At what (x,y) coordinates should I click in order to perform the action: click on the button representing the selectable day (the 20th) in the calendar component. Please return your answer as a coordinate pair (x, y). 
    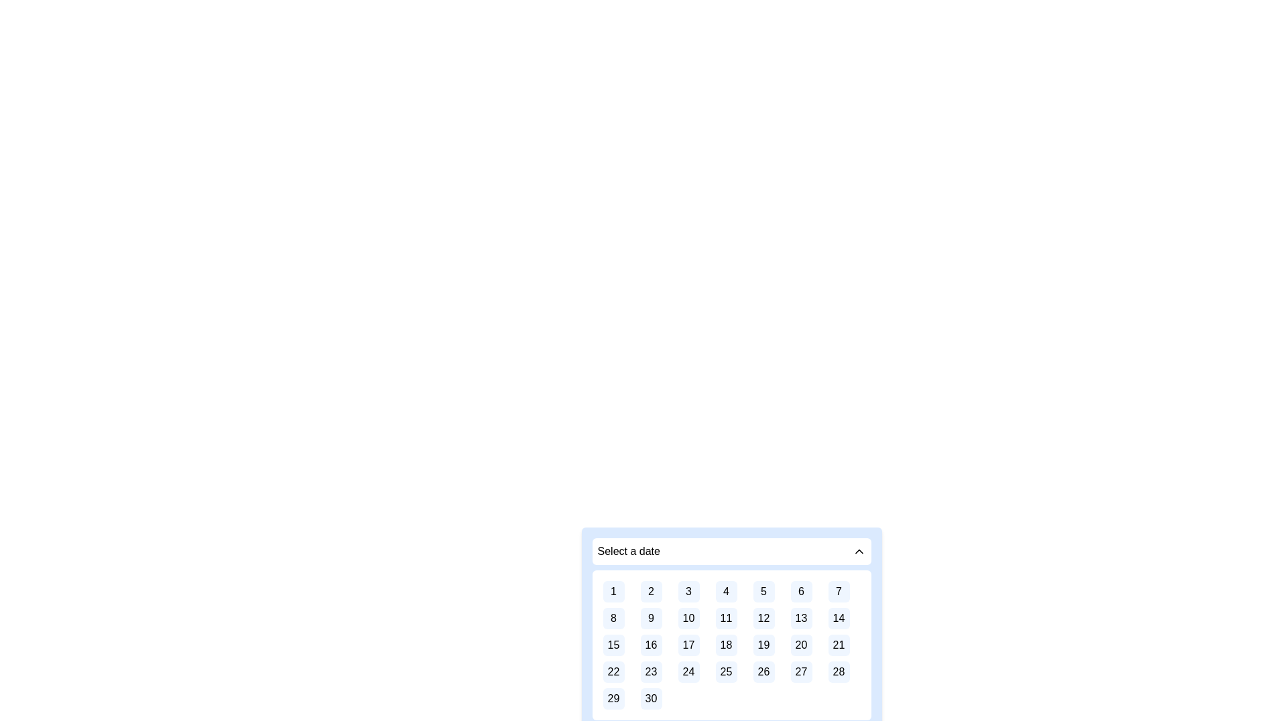
    Looking at the image, I should click on (801, 645).